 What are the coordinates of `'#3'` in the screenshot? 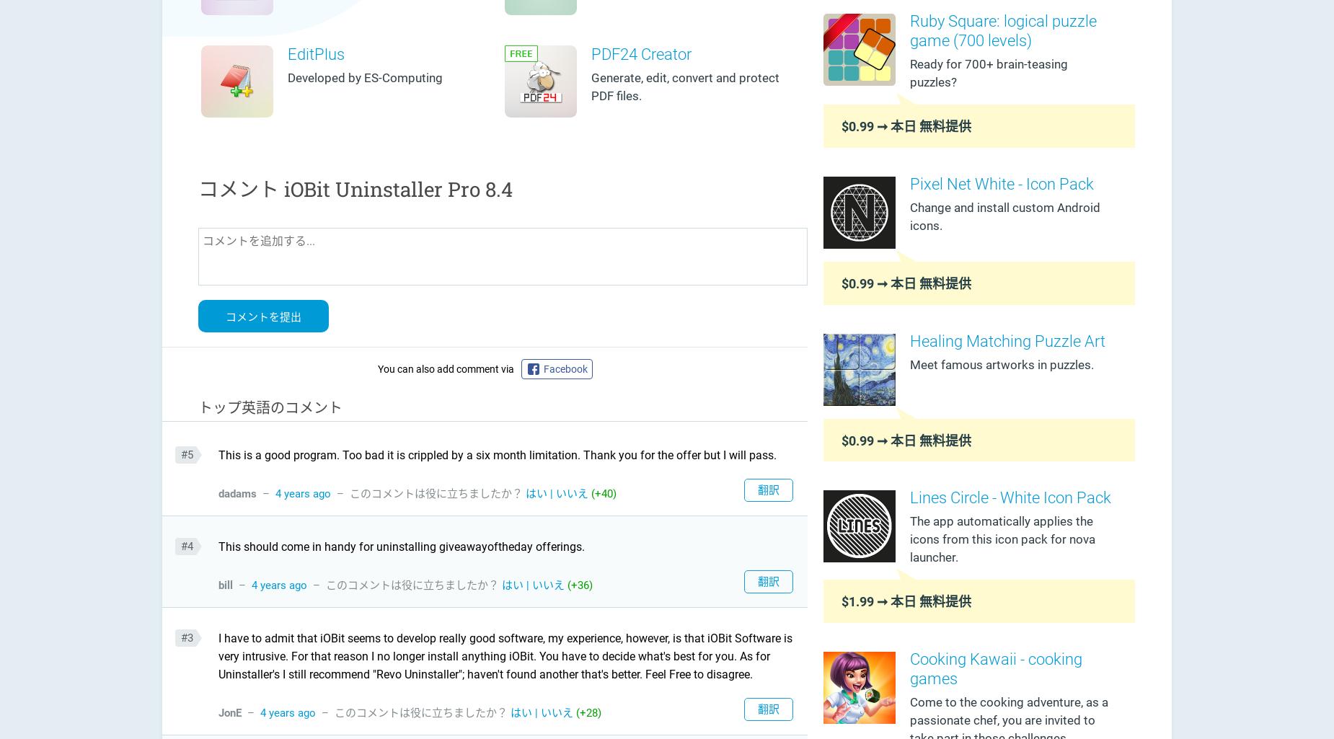 It's located at (186, 637).